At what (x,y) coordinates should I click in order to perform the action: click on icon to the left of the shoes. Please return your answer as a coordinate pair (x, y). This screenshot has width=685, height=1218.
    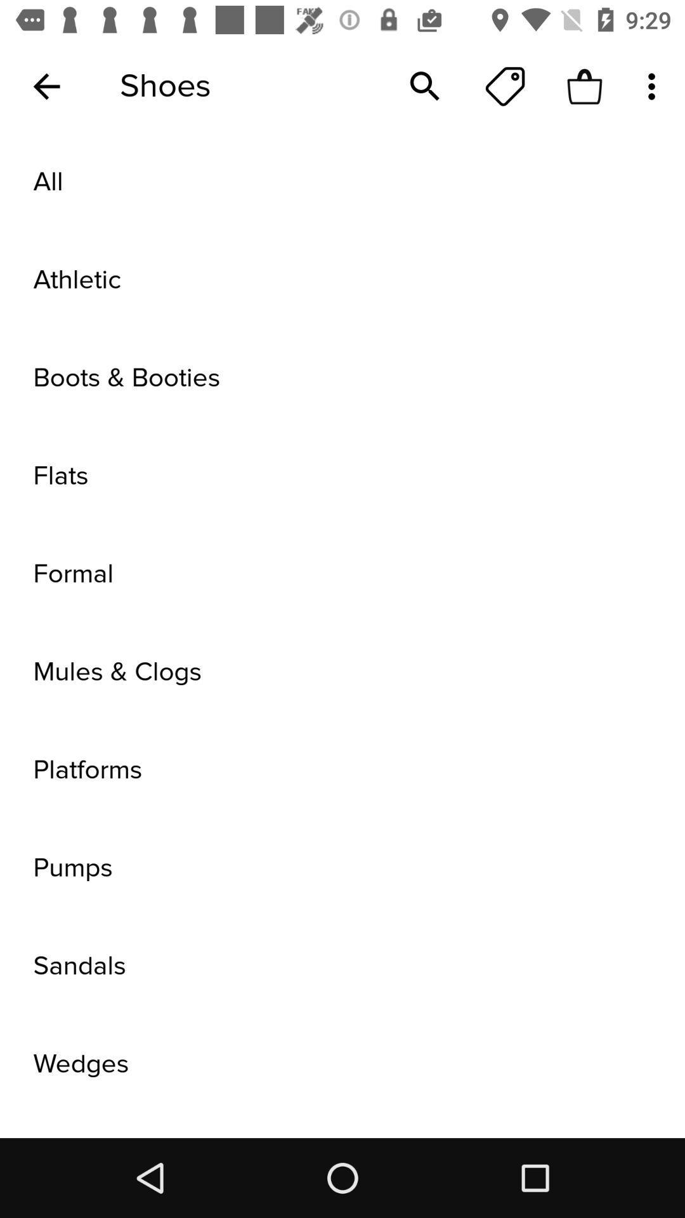
    Looking at the image, I should click on (46, 86).